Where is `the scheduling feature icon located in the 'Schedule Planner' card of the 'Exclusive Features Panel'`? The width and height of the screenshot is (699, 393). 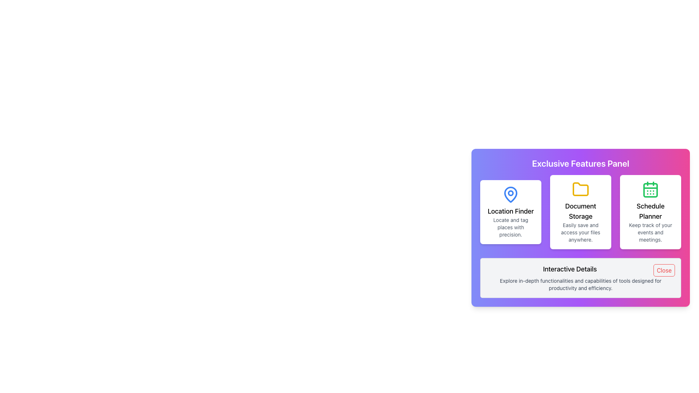 the scheduling feature icon located in the 'Schedule Planner' card of the 'Exclusive Features Panel' is located at coordinates (650, 189).